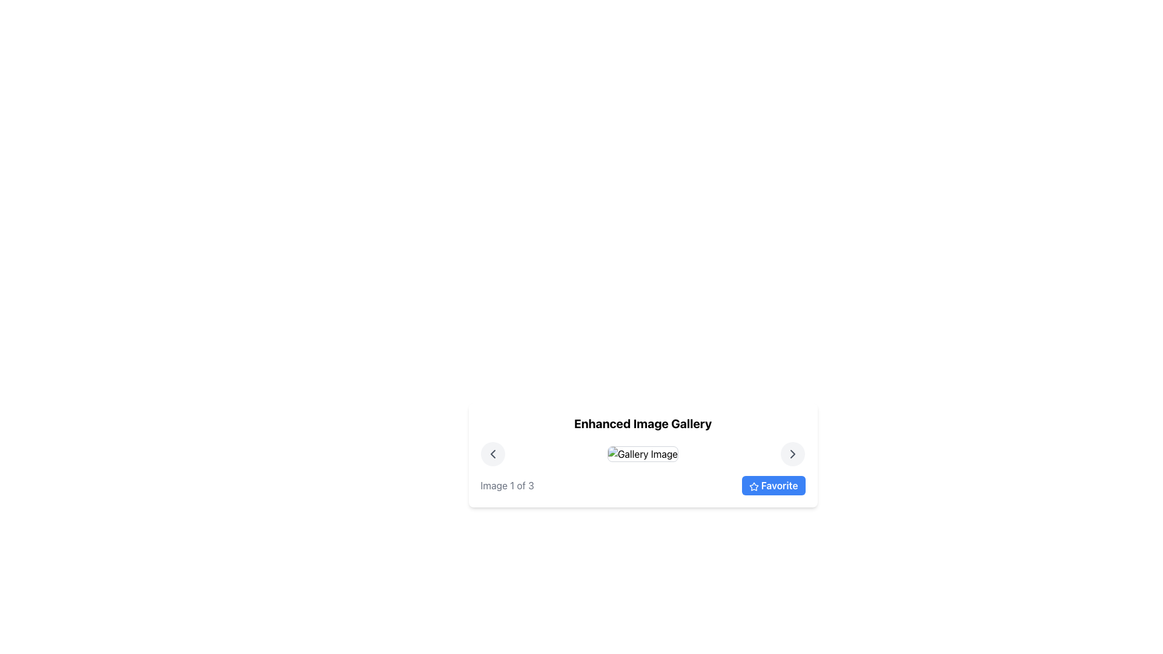  Describe the element at coordinates (642, 454) in the screenshot. I see `the 'Gallery Image' element, which is a rectangular image component with a grey bordered frame, centrally positioned between navigational buttons` at that location.